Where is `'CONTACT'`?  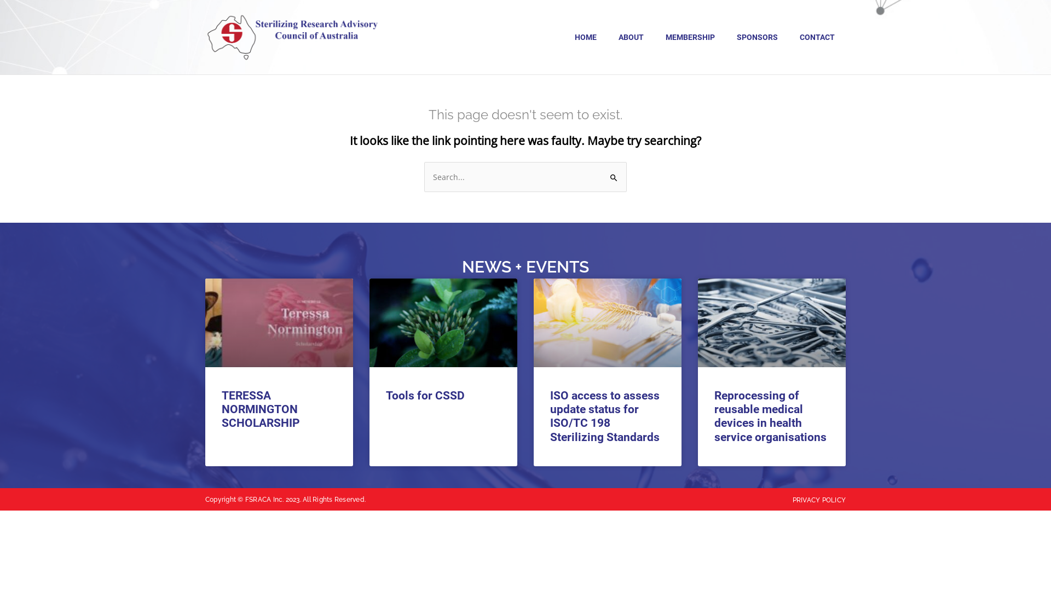
'CONTACT' is located at coordinates (817, 37).